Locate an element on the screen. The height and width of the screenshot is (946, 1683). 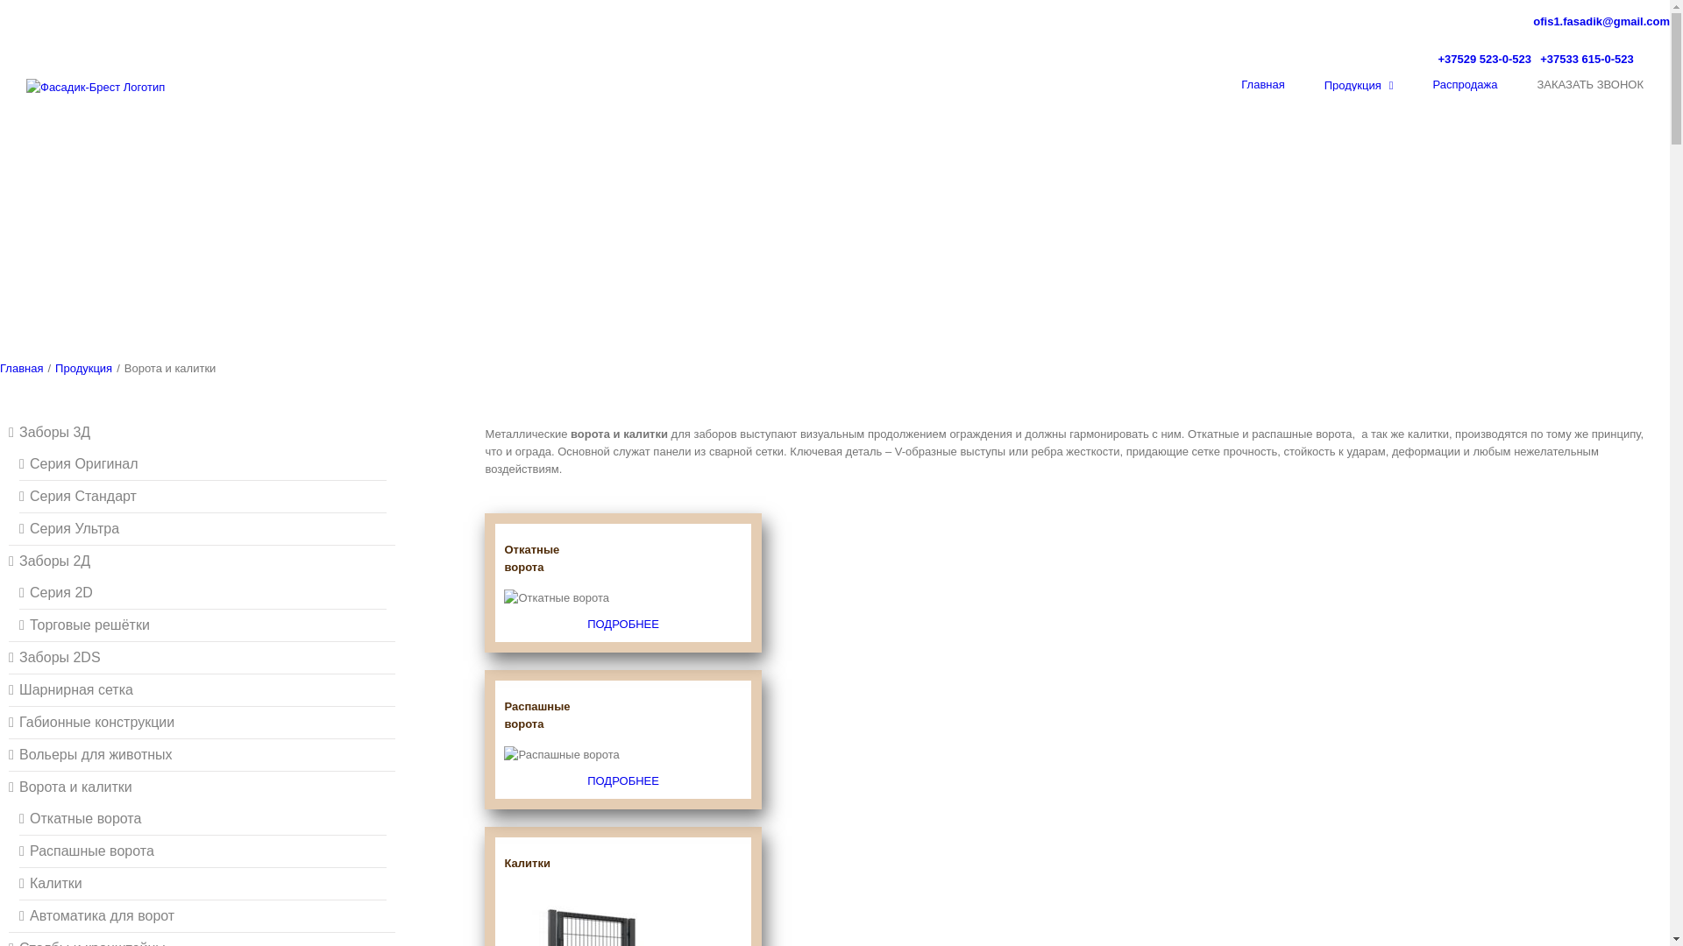
'+37533 615-0-523' is located at coordinates (1536, 58).